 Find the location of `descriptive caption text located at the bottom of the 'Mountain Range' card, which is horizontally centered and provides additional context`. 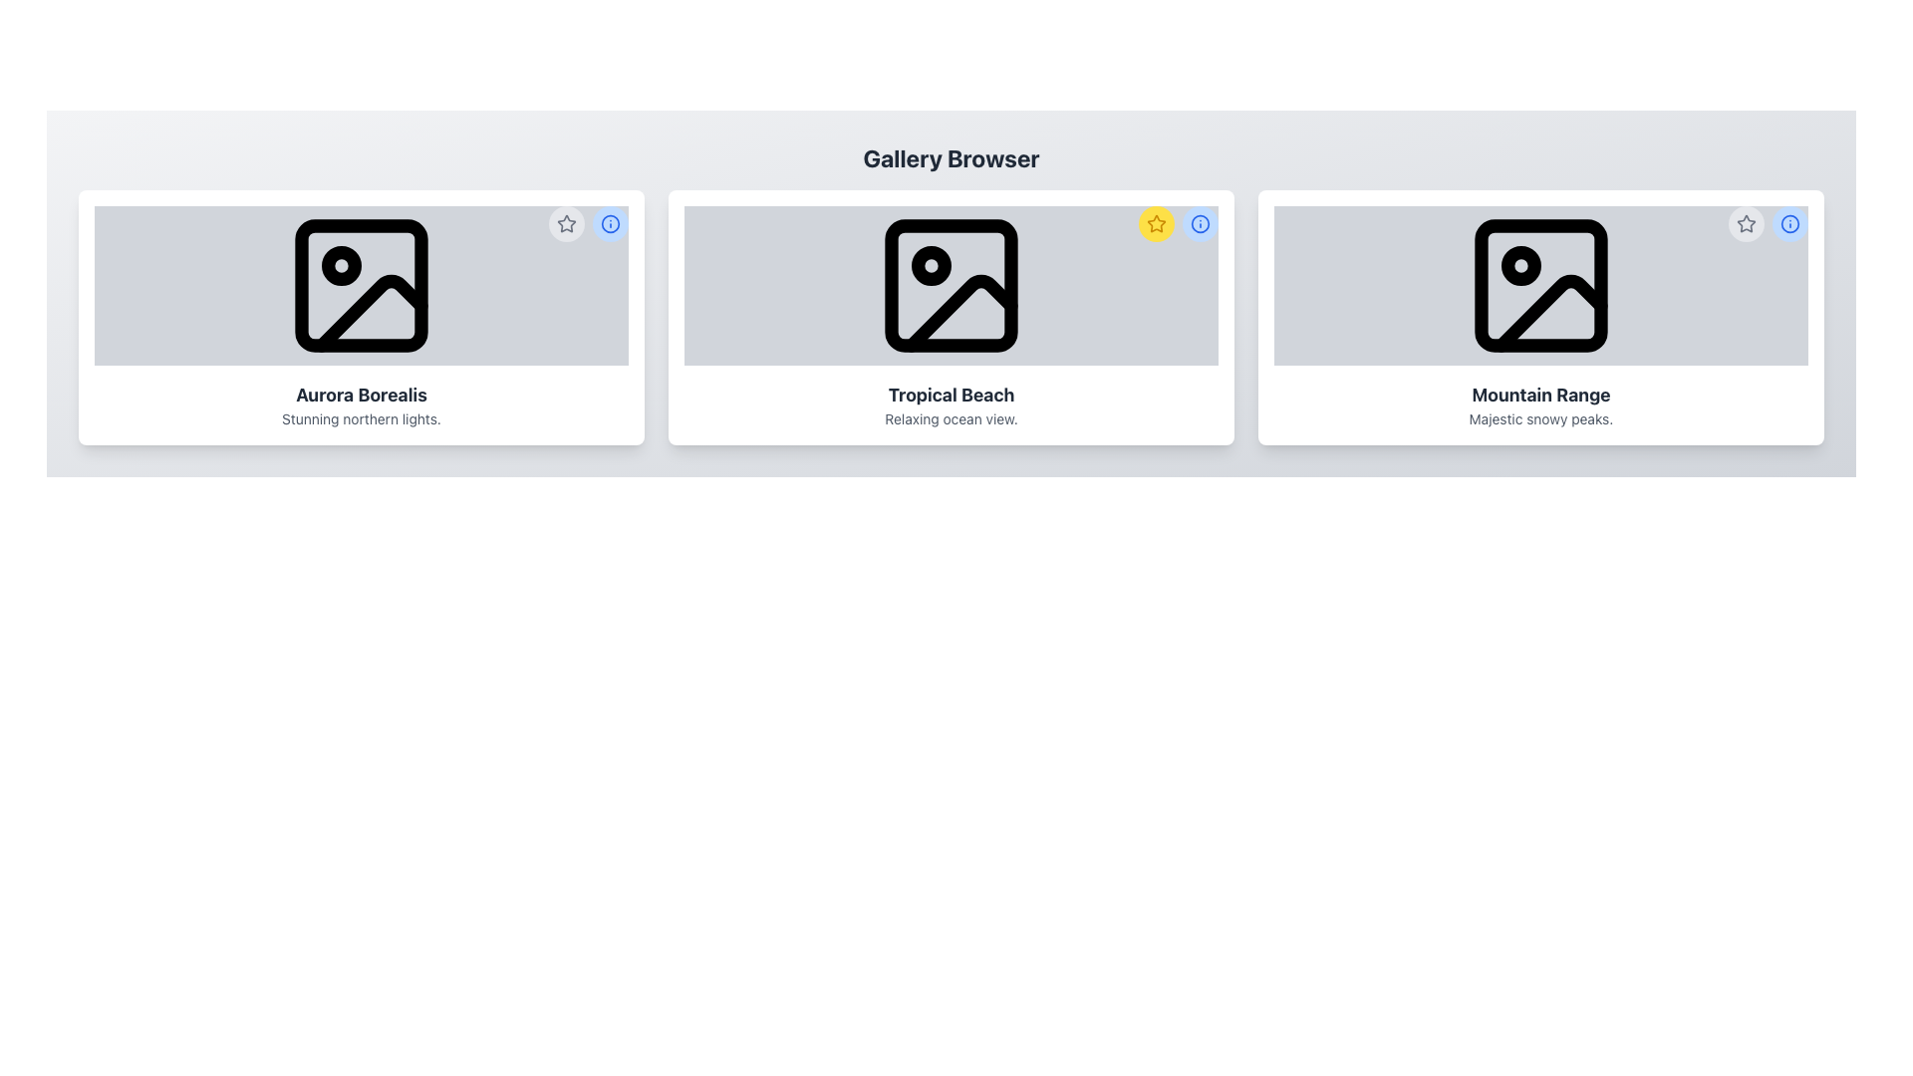

descriptive caption text located at the bottom of the 'Mountain Range' card, which is horizontally centered and provides additional context is located at coordinates (1539, 417).